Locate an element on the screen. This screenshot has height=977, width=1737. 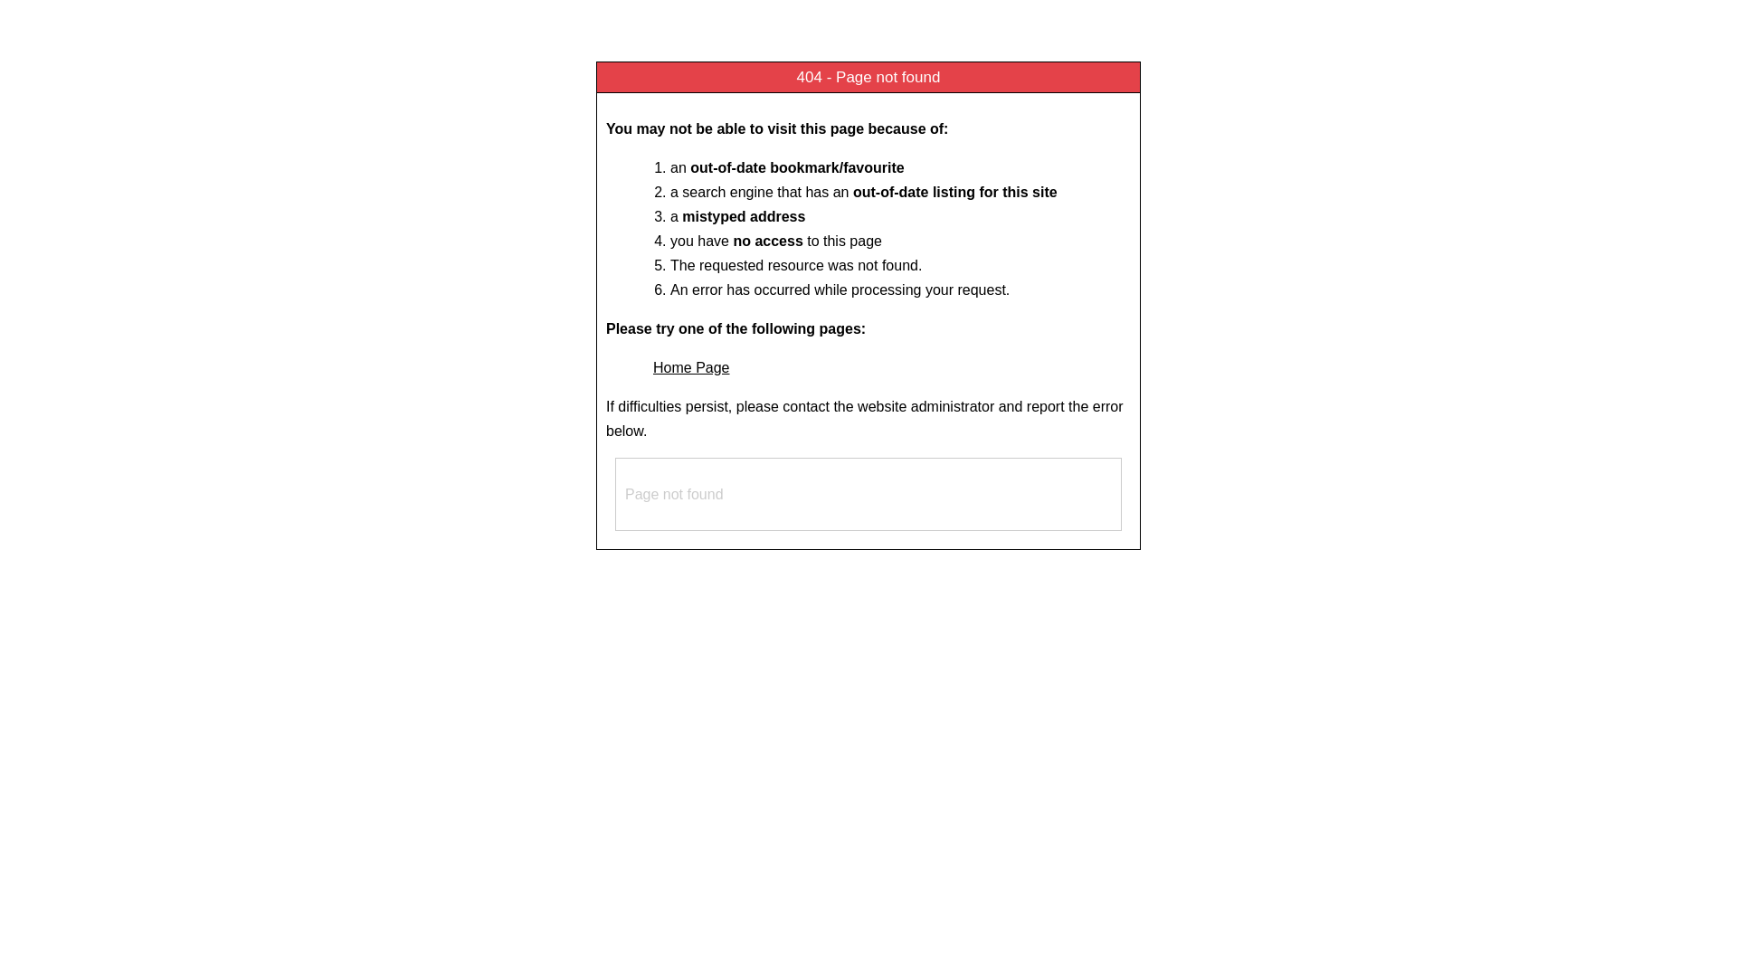
'Home Page' is located at coordinates (651, 366).